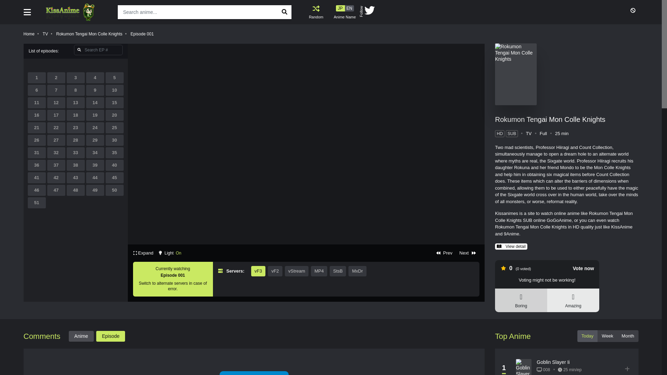 The width and height of the screenshot is (667, 375). Describe the element at coordinates (56, 77) in the screenshot. I see `'2'` at that location.